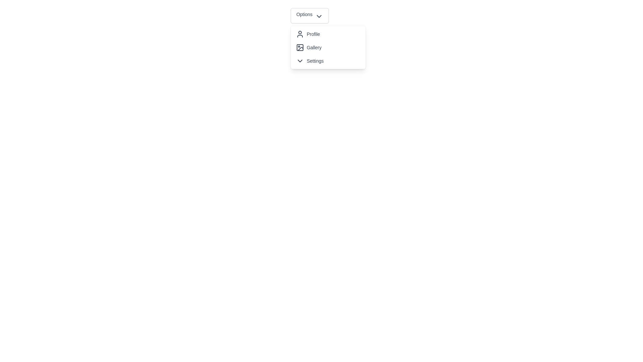  What do you see at coordinates (328, 34) in the screenshot?
I see `first interactive menu item in the dropdown, which is located above the 'Gallery' and 'Settings' items, likely leading to the user's profile page` at bounding box center [328, 34].